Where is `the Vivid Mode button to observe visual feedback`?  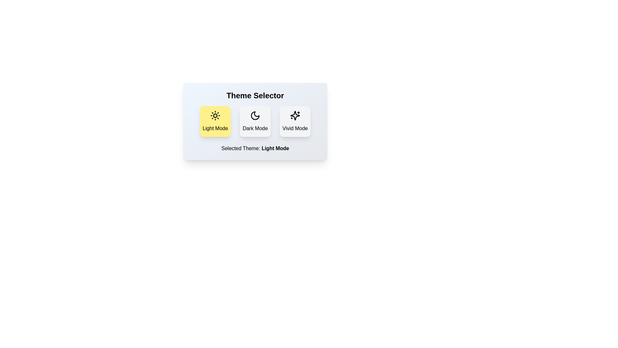 the Vivid Mode button to observe visual feedback is located at coordinates (295, 121).